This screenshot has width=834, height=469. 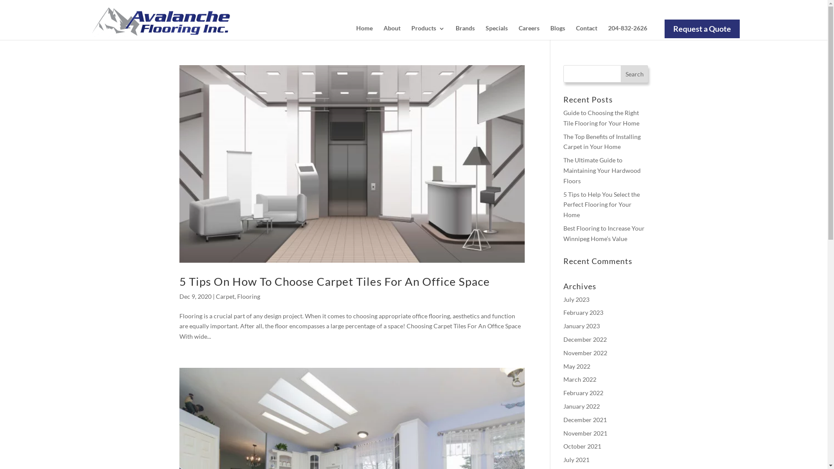 I want to click on 'Flooring', so click(x=248, y=296).